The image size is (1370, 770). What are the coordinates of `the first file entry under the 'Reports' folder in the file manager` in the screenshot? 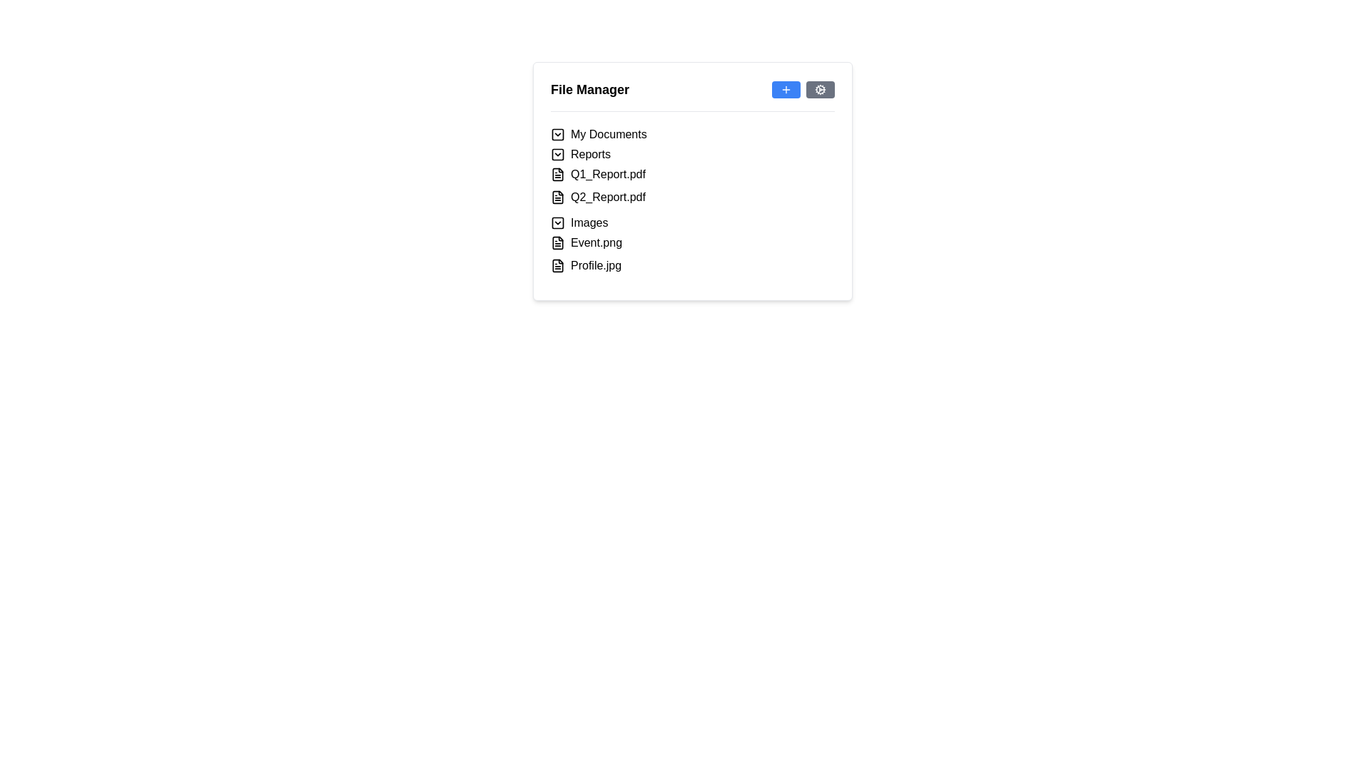 It's located at (692, 174).